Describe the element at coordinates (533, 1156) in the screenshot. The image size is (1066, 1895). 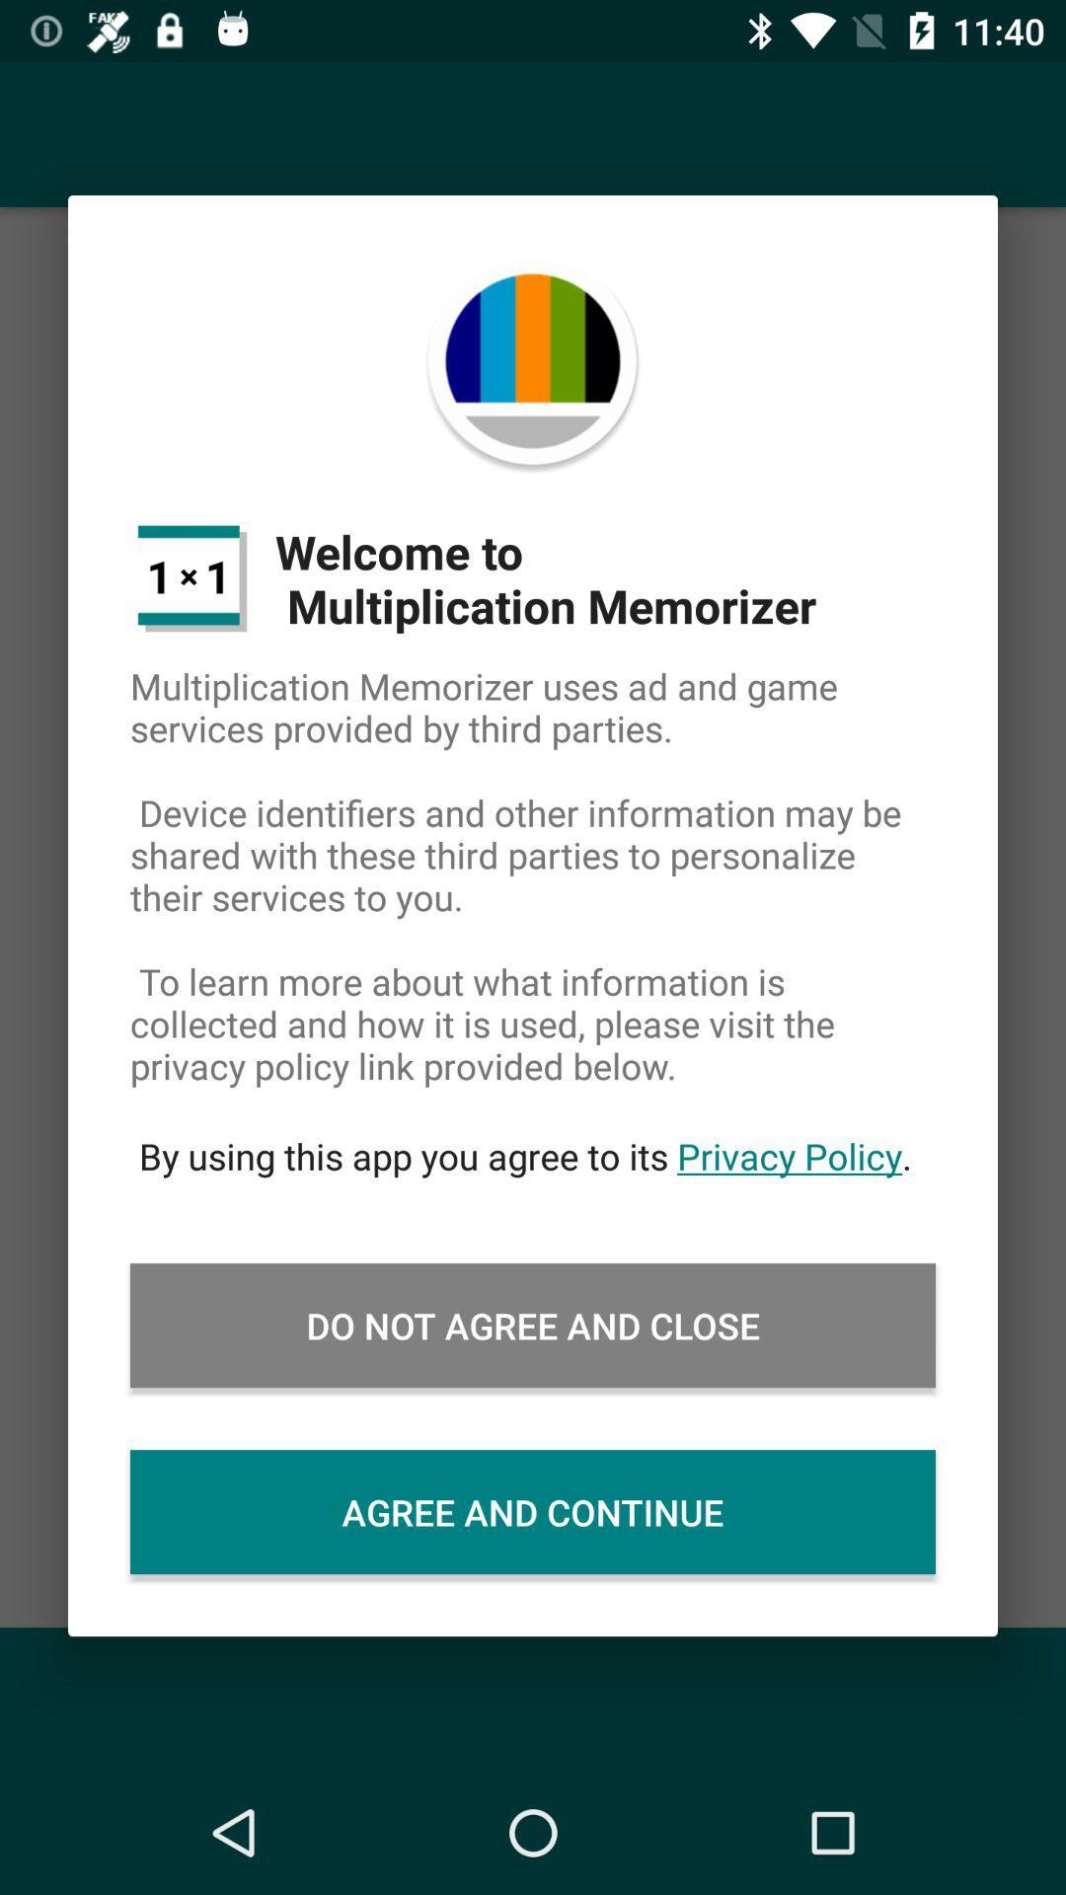
I see `icon above do not agree item` at that location.